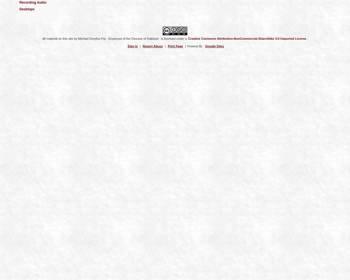 This screenshot has height=280, width=350. What do you see at coordinates (247, 39) in the screenshot?
I see `'Creative Commons Attribution-NonCommercial-ShareAlike 3.0 Unported License'` at bounding box center [247, 39].